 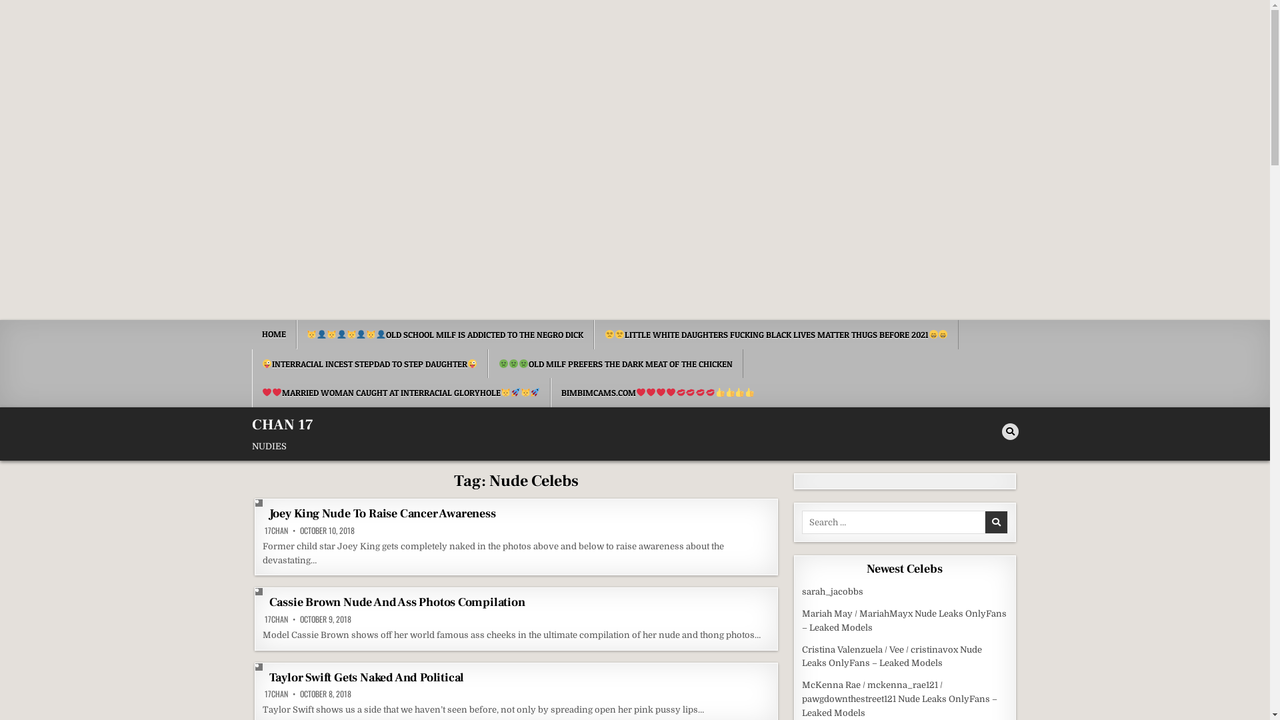 I want to click on 'Joey King Nude To Raise Cancer Awareness', so click(x=382, y=513).